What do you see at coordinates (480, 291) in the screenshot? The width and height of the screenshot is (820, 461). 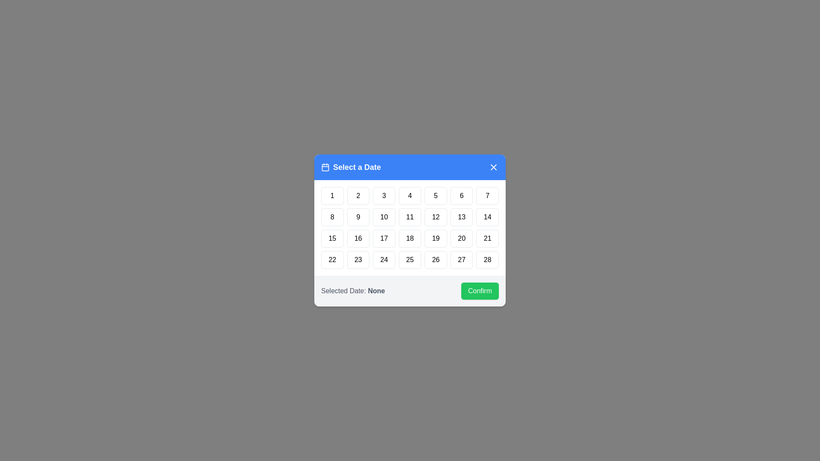 I see `the 'Confirm' button to confirm the selected date` at bounding box center [480, 291].